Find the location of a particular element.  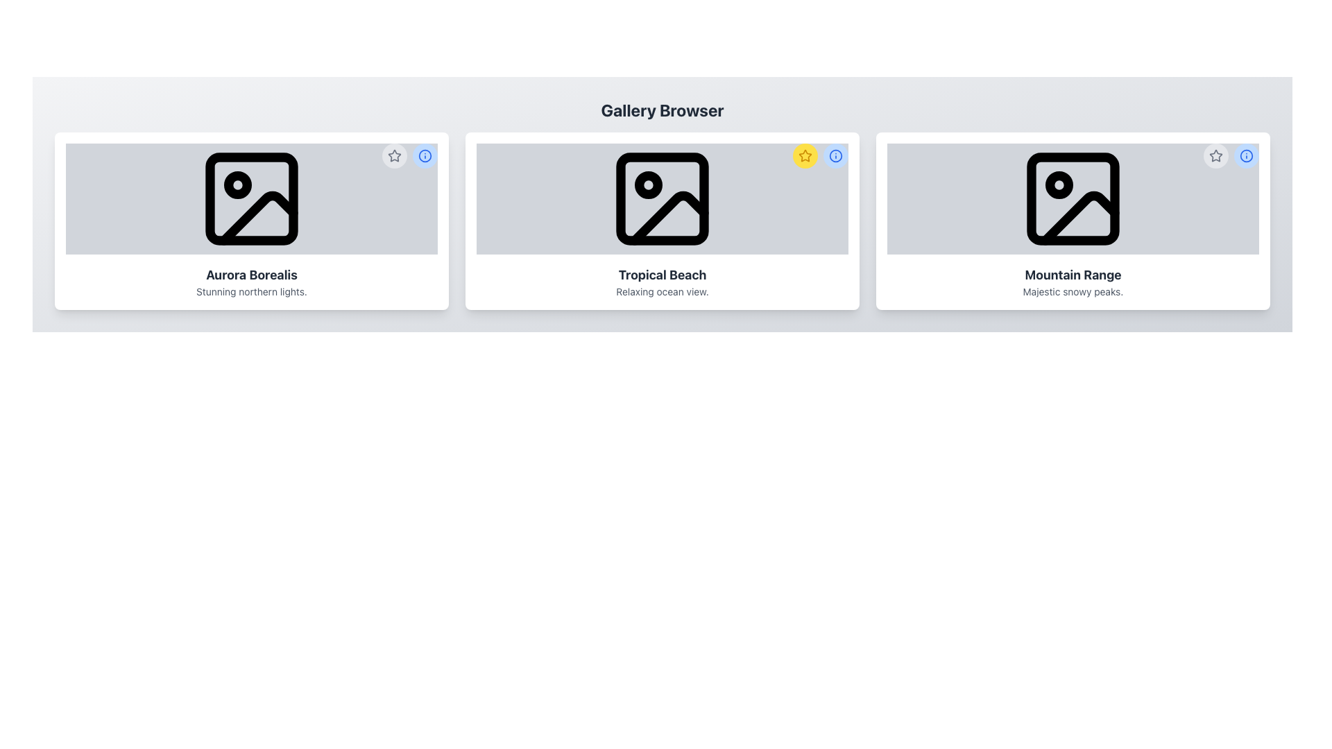

the 'Mountain Range' card located in the rightmost column of the grid is located at coordinates (1072, 221).